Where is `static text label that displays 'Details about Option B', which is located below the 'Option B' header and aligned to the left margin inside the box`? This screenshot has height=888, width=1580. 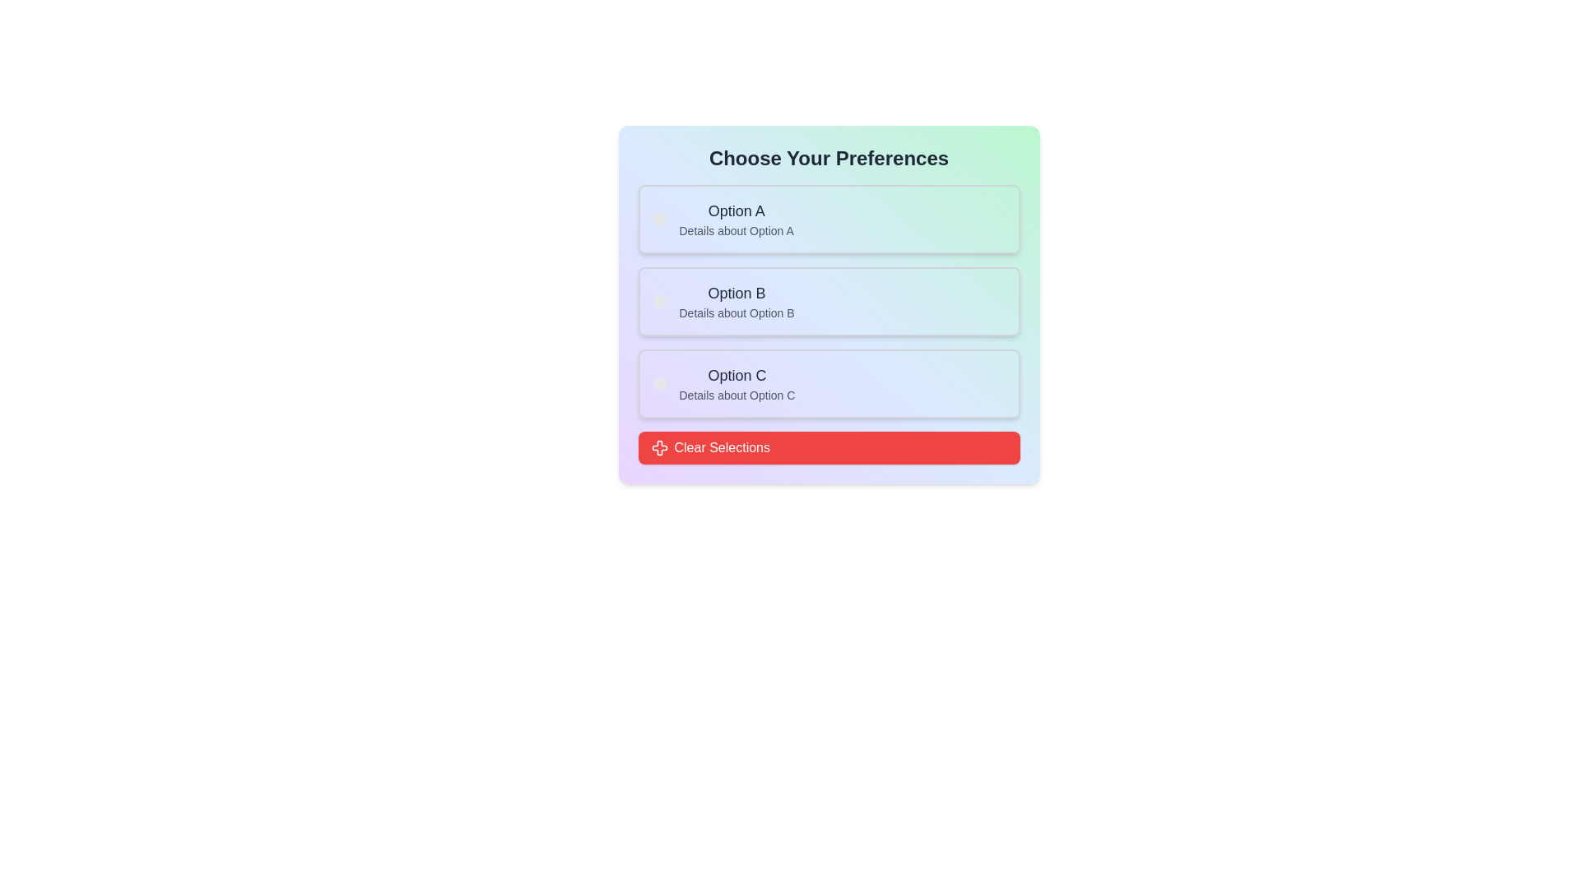
static text label that displays 'Details about Option B', which is located below the 'Option B' header and aligned to the left margin inside the box is located at coordinates (736, 313).